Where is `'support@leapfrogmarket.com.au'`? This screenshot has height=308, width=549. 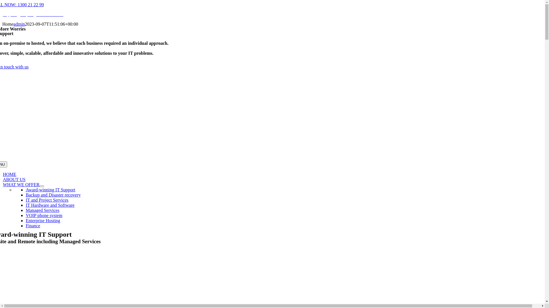 'support@leapfrogmarket.com.au' is located at coordinates (3, 14).